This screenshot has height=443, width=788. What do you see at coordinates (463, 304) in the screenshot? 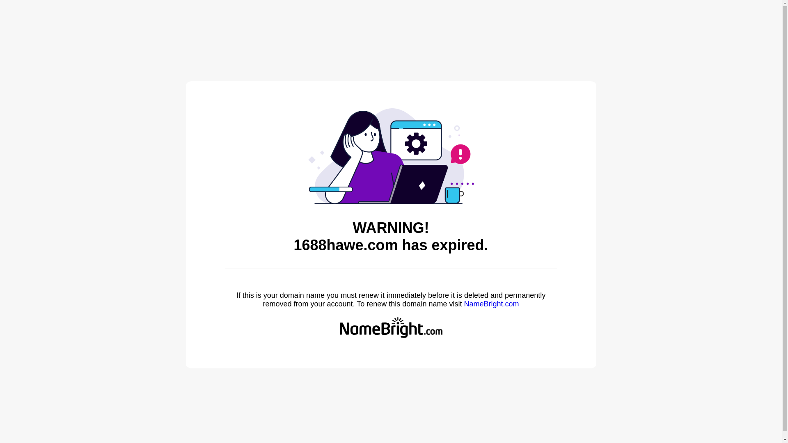
I see `'NameBright.com'` at bounding box center [463, 304].